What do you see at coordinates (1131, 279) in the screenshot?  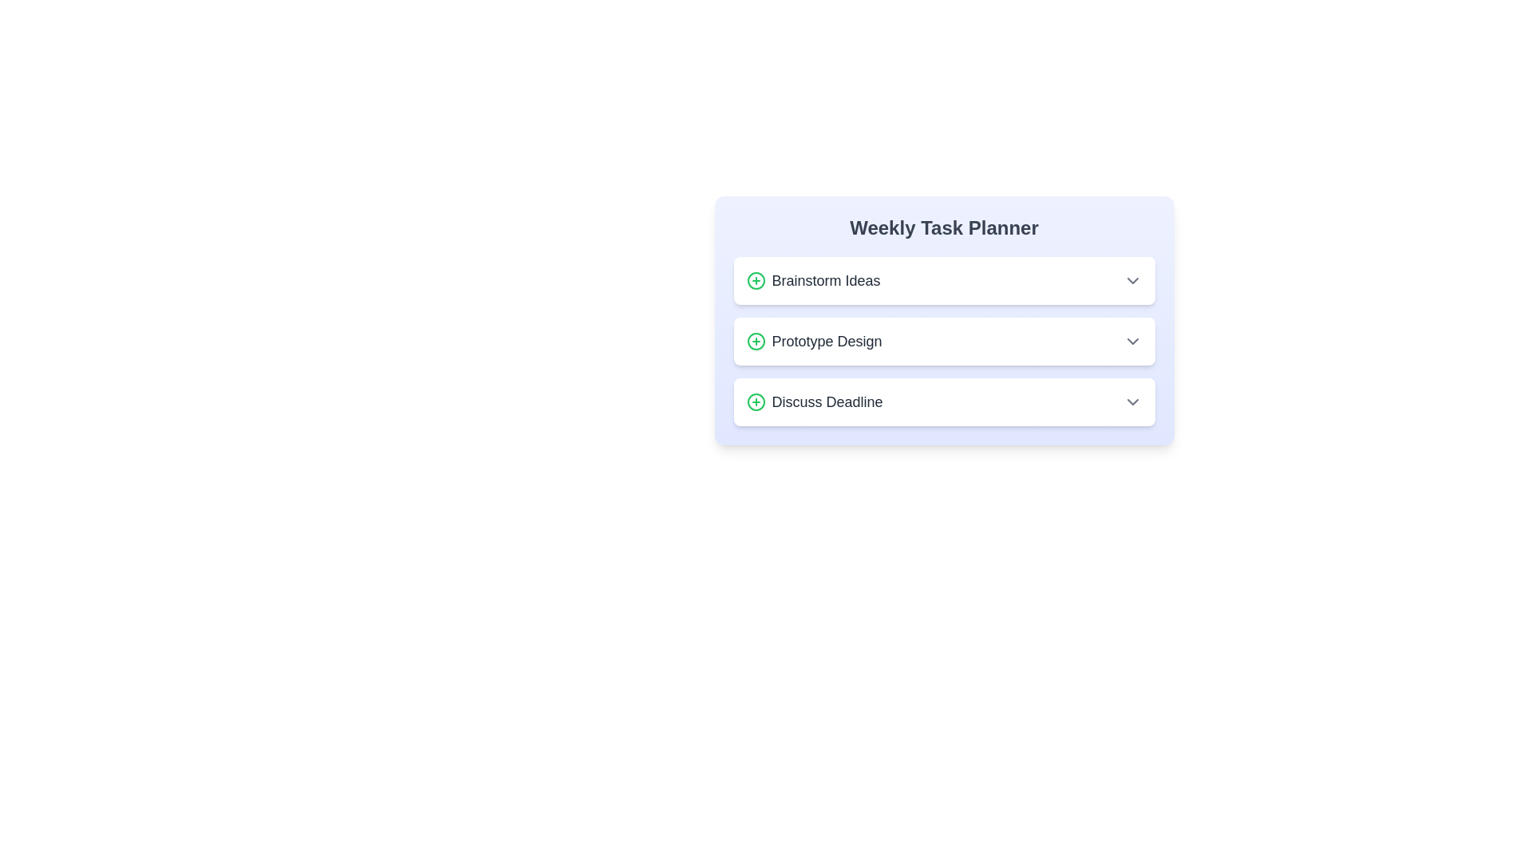 I see `button associated with the task to expand its details` at bounding box center [1131, 279].